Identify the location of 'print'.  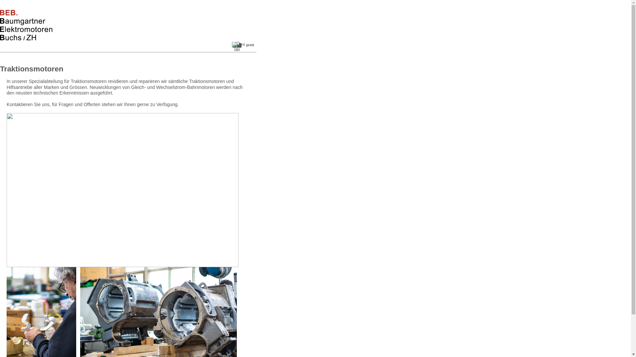
(232, 46).